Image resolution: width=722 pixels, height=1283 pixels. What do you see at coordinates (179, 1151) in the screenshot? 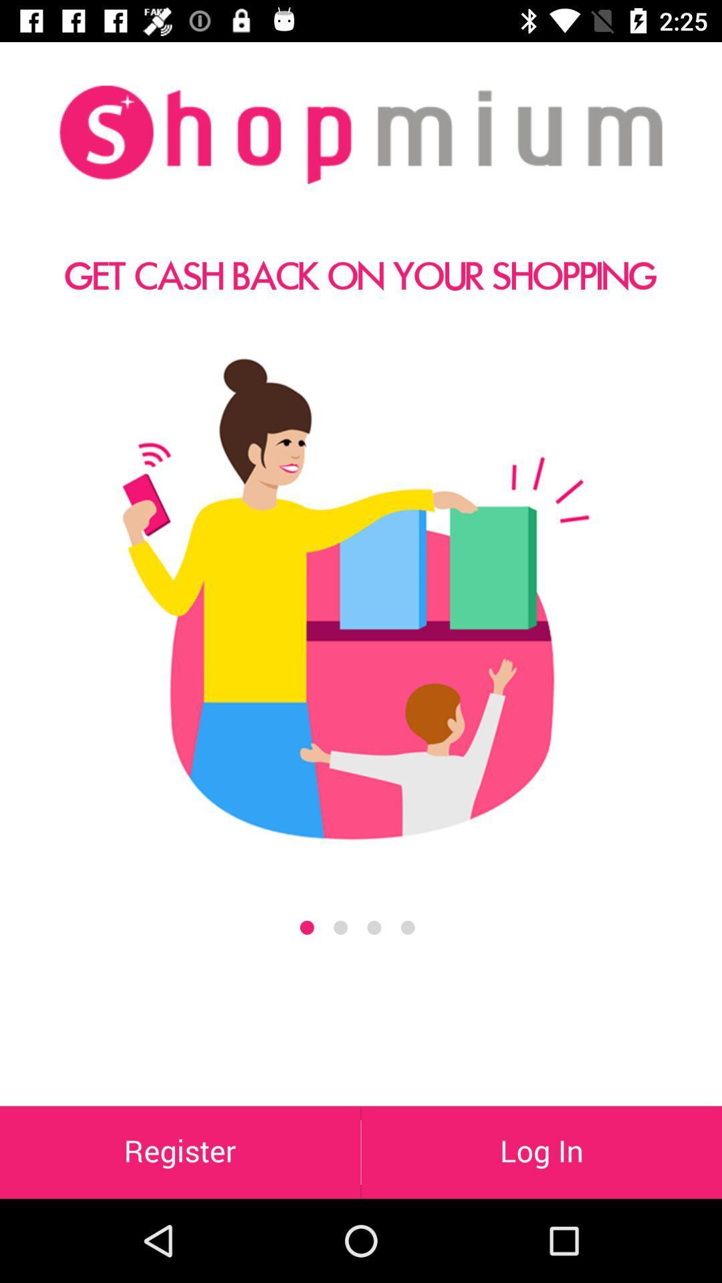
I see `the item at the bottom left corner` at bounding box center [179, 1151].